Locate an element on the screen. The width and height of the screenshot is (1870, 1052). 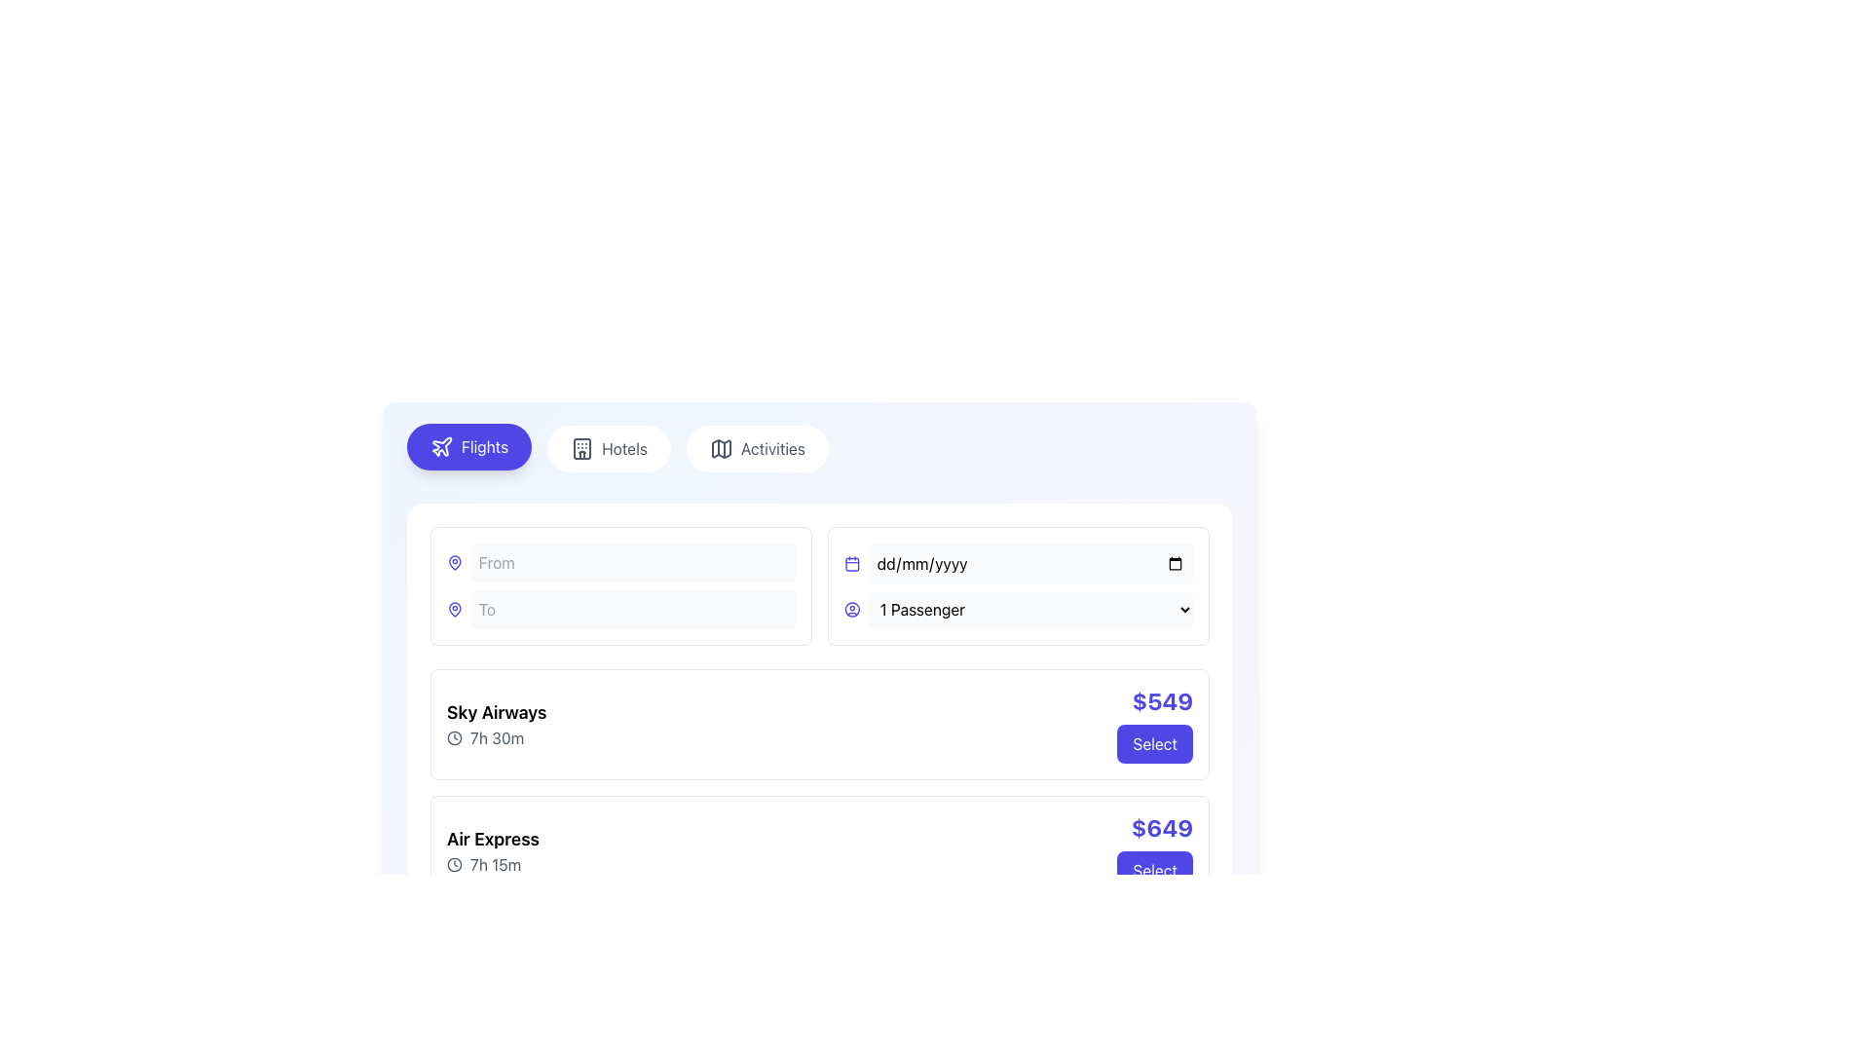
the 'Activities' button, which is a horizontally-aligned button with a white background, rounded corners, and a centered text label in gray font, featuring a map icon to the left of the text is located at coordinates (756, 449).